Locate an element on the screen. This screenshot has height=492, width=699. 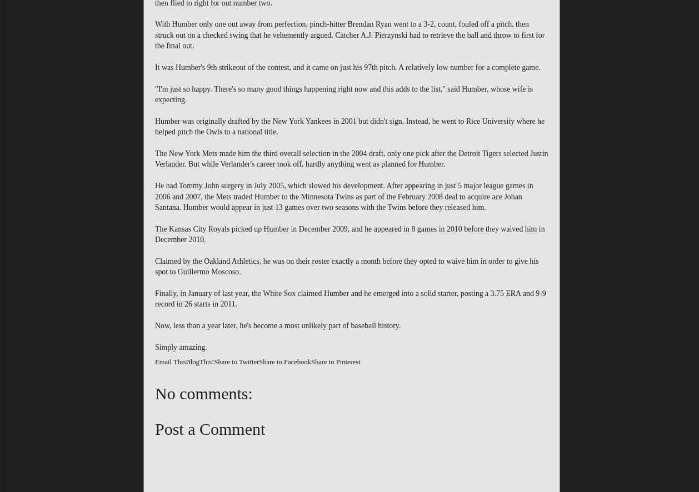
'BlogThis!' is located at coordinates (199, 362).